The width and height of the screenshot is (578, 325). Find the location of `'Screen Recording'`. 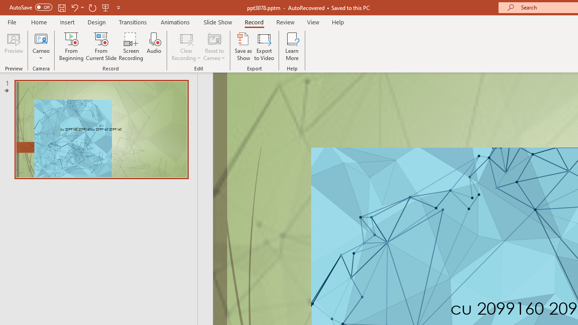

'Screen Recording' is located at coordinates (131, 46).